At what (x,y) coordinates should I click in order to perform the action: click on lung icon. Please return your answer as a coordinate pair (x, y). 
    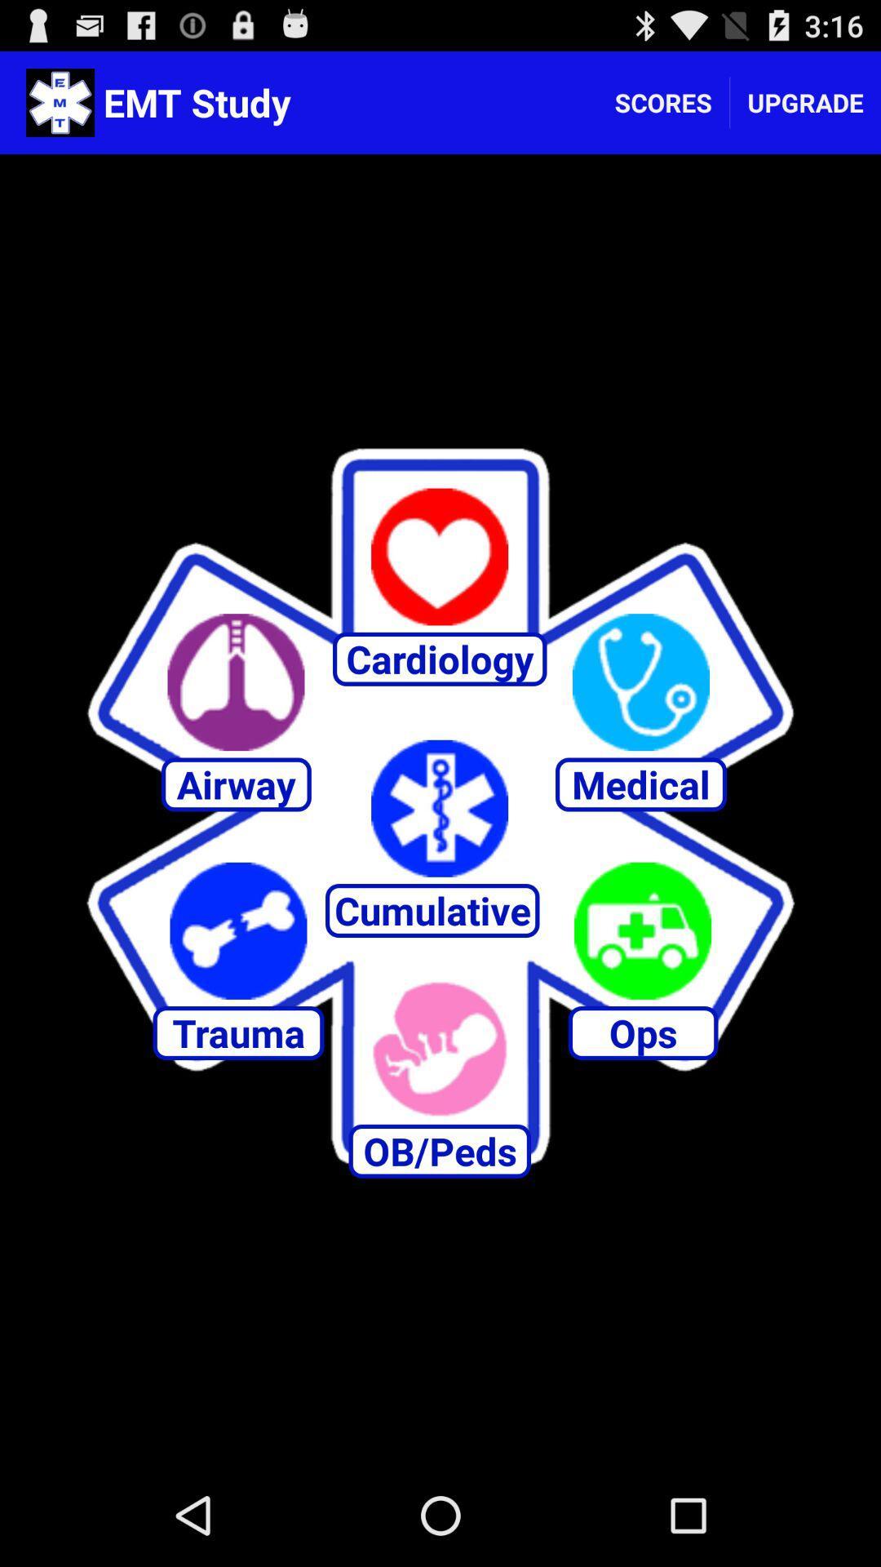
    Looking at the image, I should click on (236, 682).